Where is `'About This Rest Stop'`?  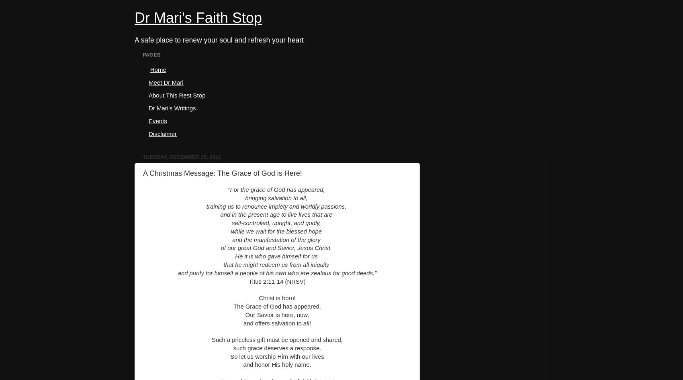
'About This Rest Stop' is located at coordinates (177, 95).